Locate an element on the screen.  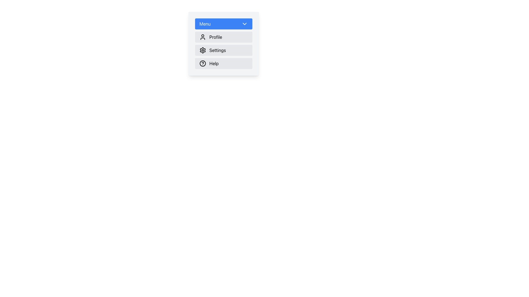
the 'Profile' button, which is the first item in the vertical list of options below the 'Menu' dropdown is located at coordinates (223, 37).